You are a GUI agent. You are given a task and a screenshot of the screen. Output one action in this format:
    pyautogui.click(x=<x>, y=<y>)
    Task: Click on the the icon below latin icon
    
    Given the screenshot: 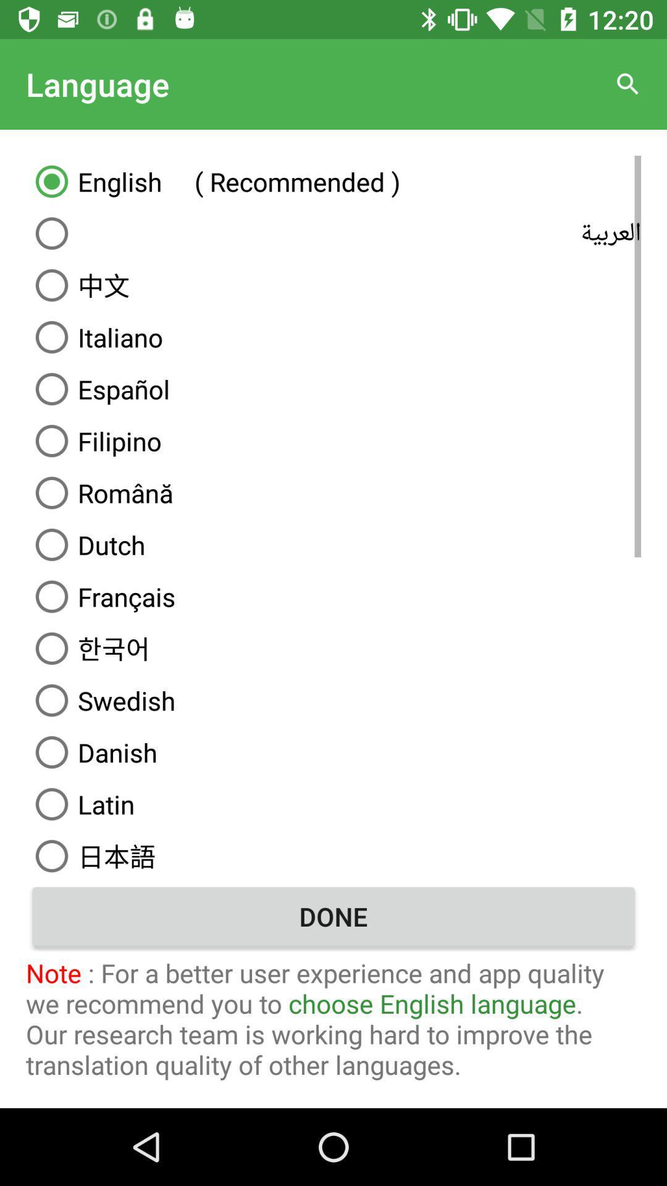 What is the action you would take?
    pyautogui.click(x=333, y=853)
    